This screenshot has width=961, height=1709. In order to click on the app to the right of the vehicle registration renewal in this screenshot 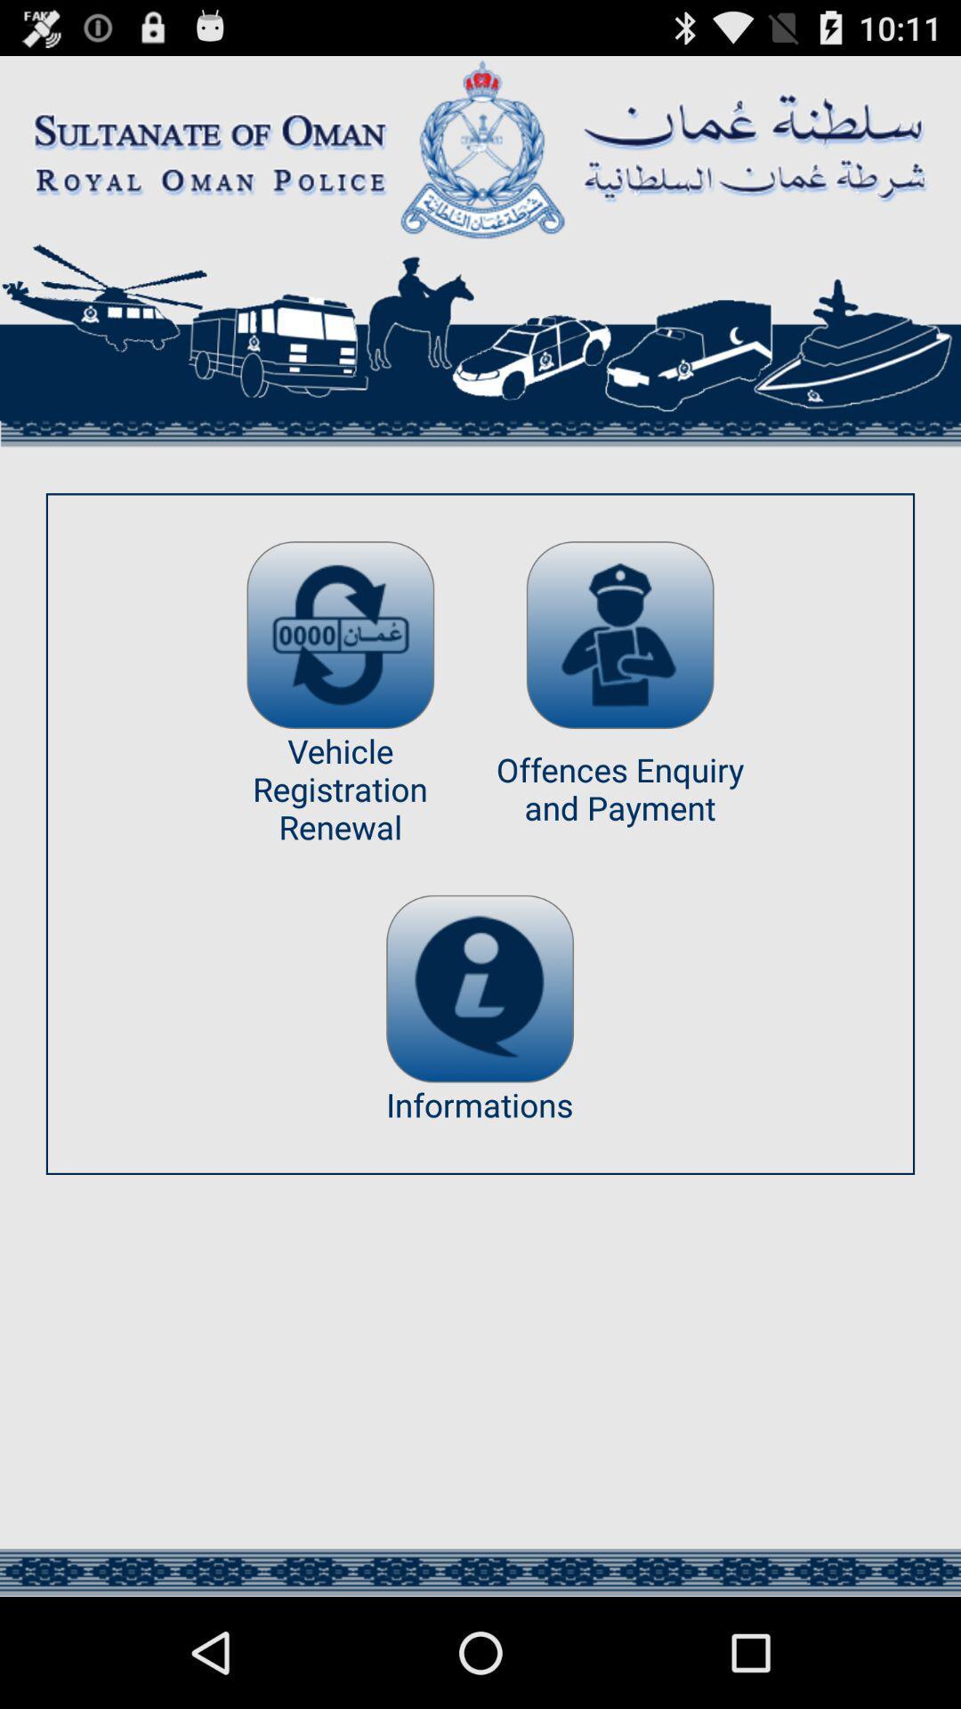, I will do `click(619, 635)`.